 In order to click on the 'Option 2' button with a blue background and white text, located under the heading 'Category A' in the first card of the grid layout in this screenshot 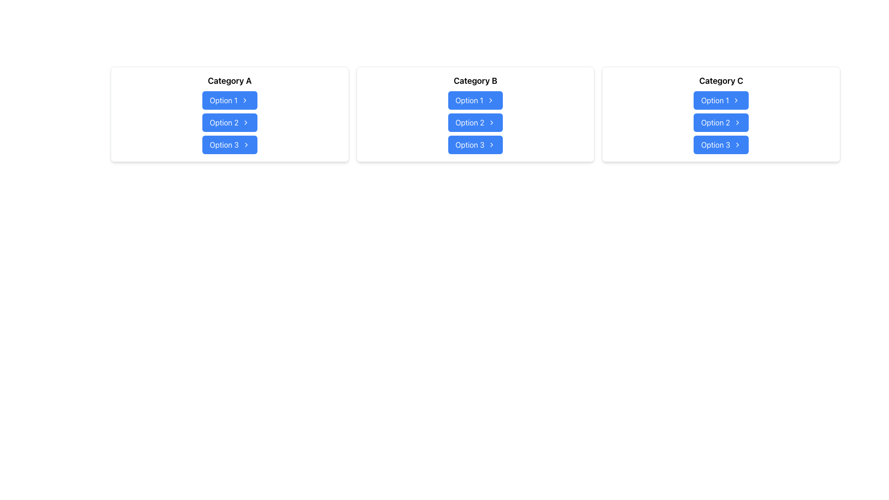, I will do `click(230, 113)`.